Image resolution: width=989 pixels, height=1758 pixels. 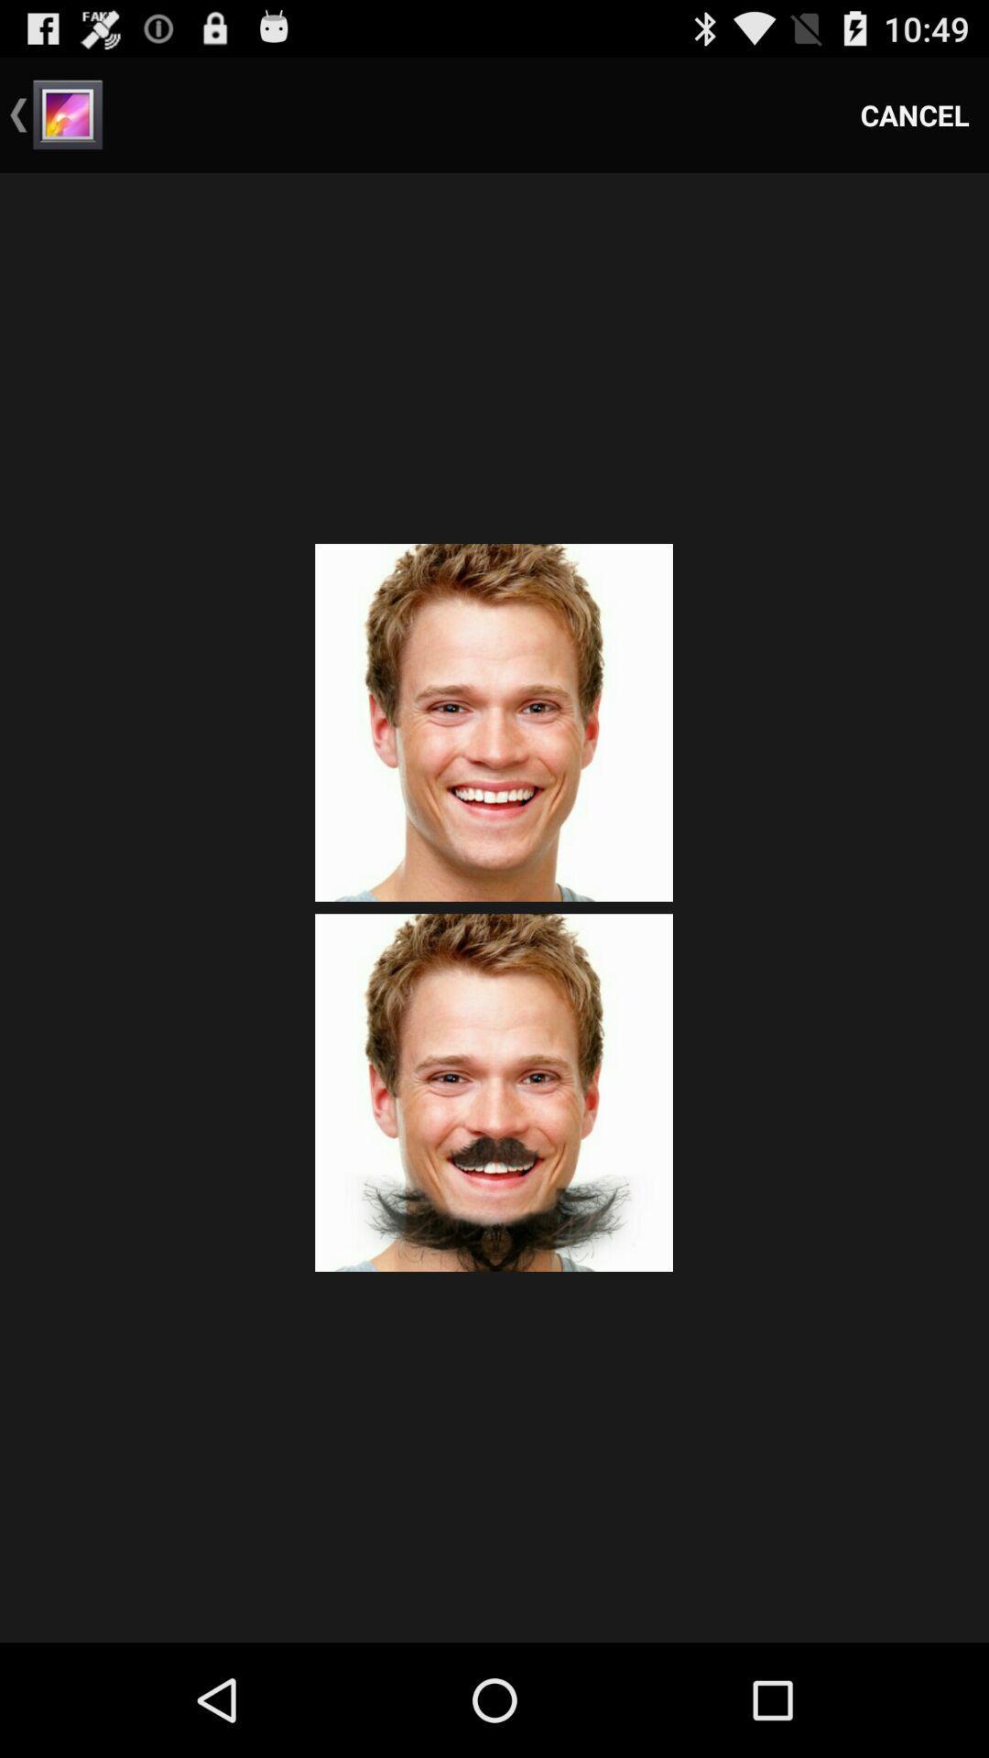 I want to click on the cancel at the top right corner, so click(x=915, y=114).